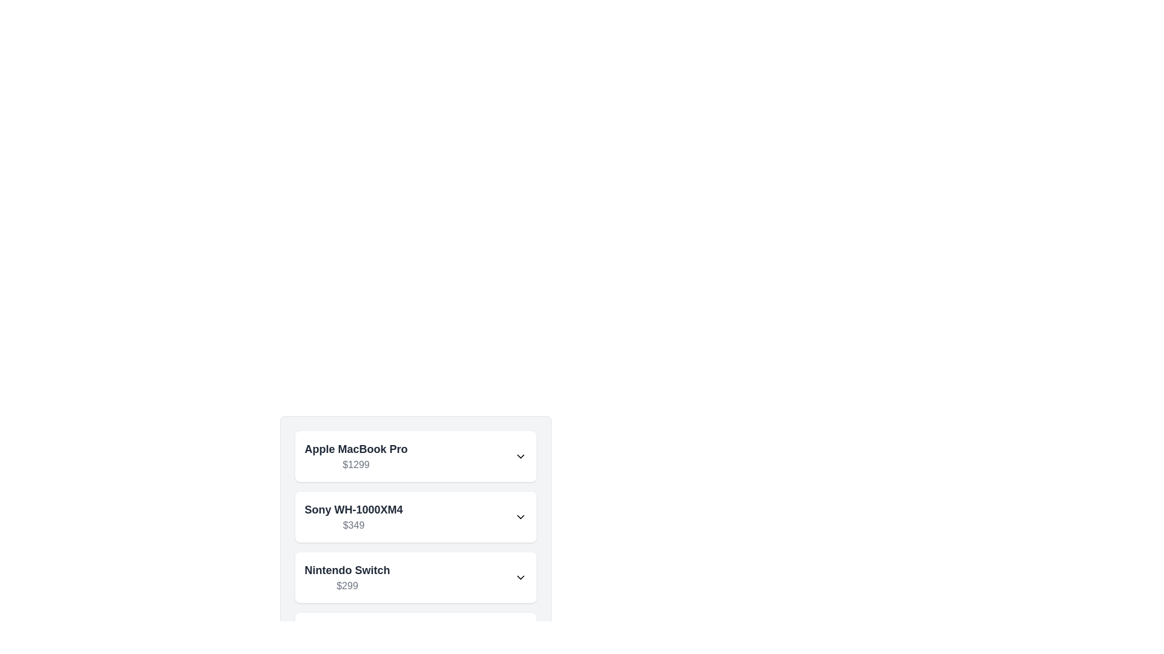 This screenshot has height=654, width=1164. What do you see at coordinates (520, 517) in the screenshot?
I see `the down-pointing chevron icon located in the top-right corner of the product display for 'Sony WH-1000XM4'` at bounding box center [520, 517].